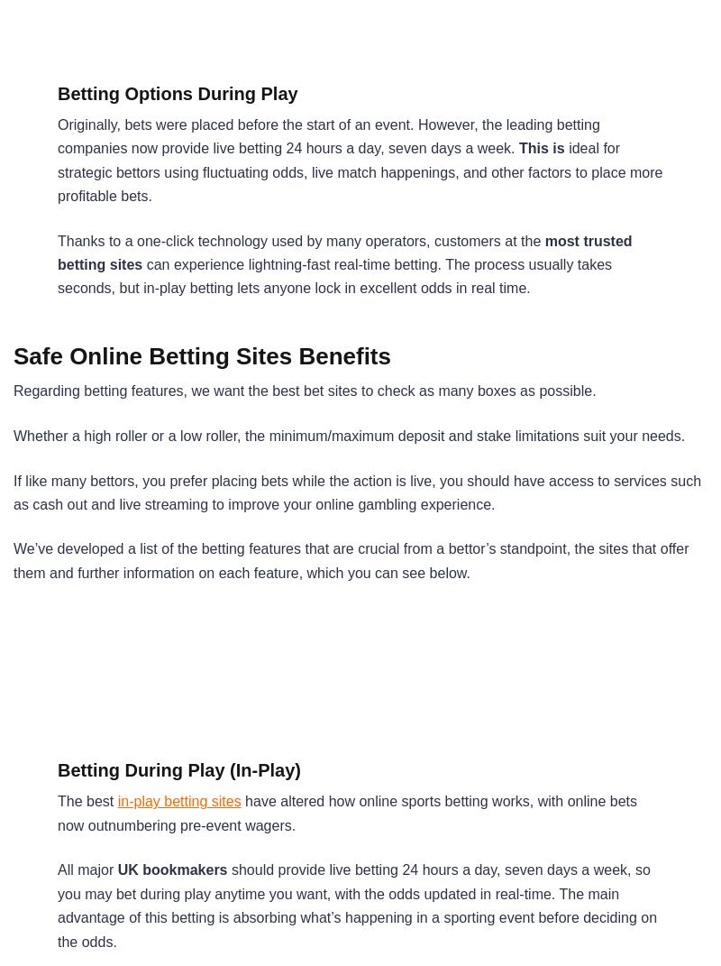 Image resolution: width=721 pixels, height=966 pixels. I want to click on 'This is', so click(541, 147).